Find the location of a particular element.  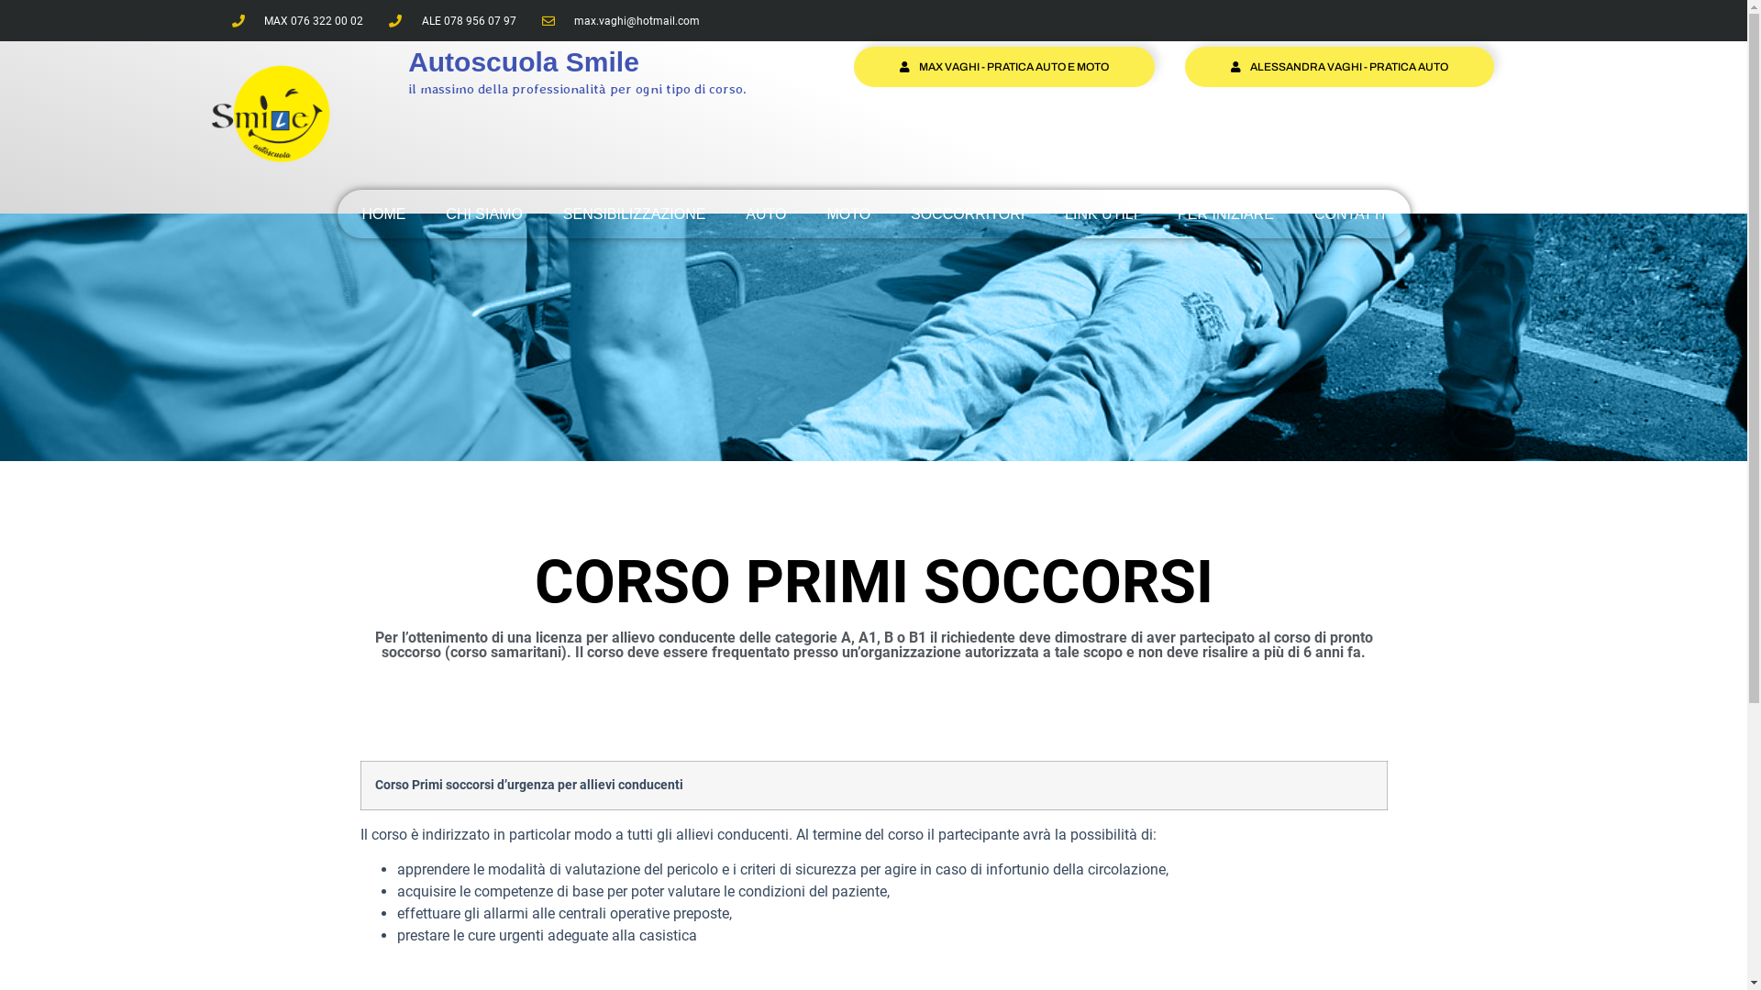

'PER INIZIARE' is located at coordinates (1225, 214).